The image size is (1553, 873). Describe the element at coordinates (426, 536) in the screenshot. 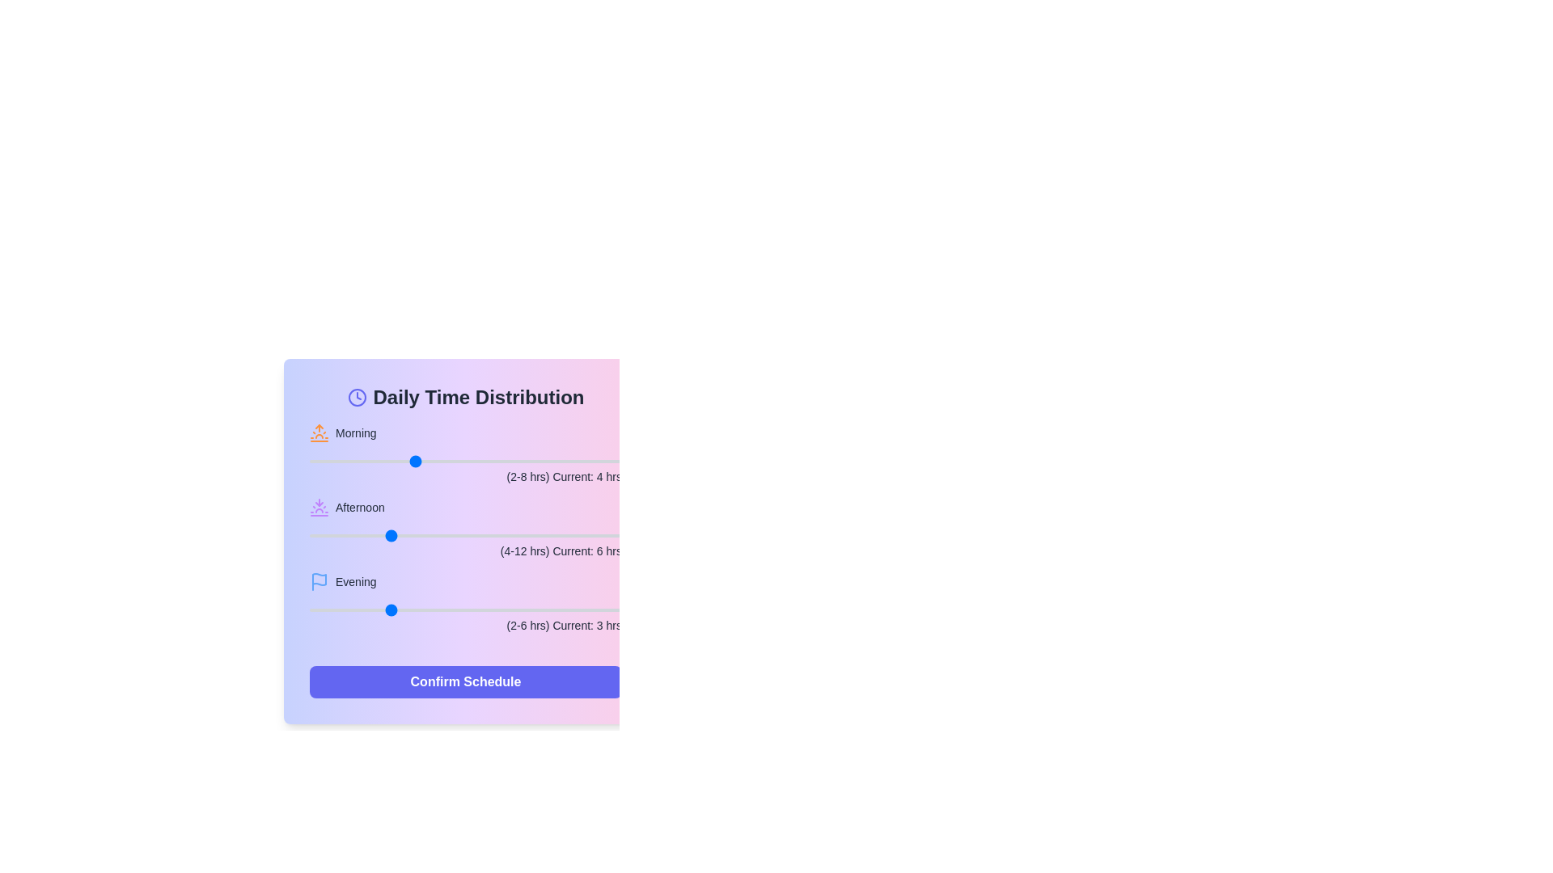

I see `afternoon duration` at that location.